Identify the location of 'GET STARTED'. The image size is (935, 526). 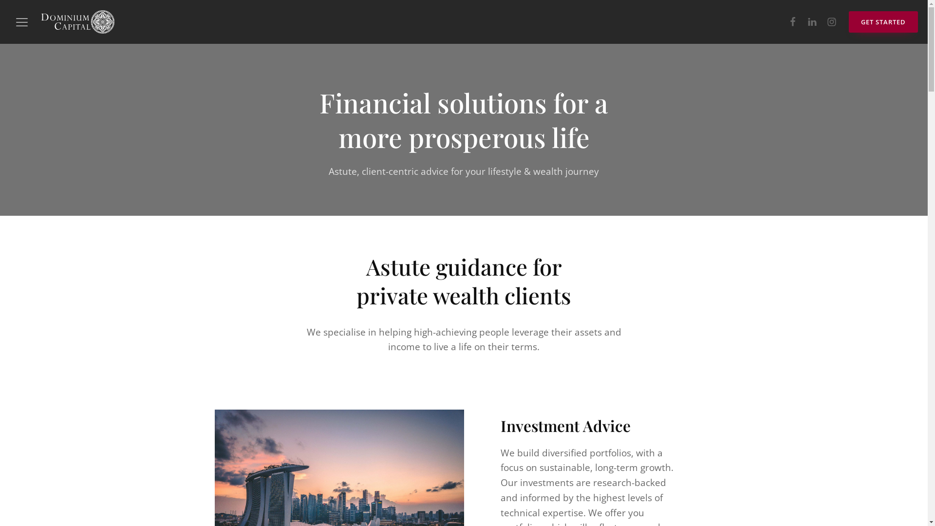
(883, 22).